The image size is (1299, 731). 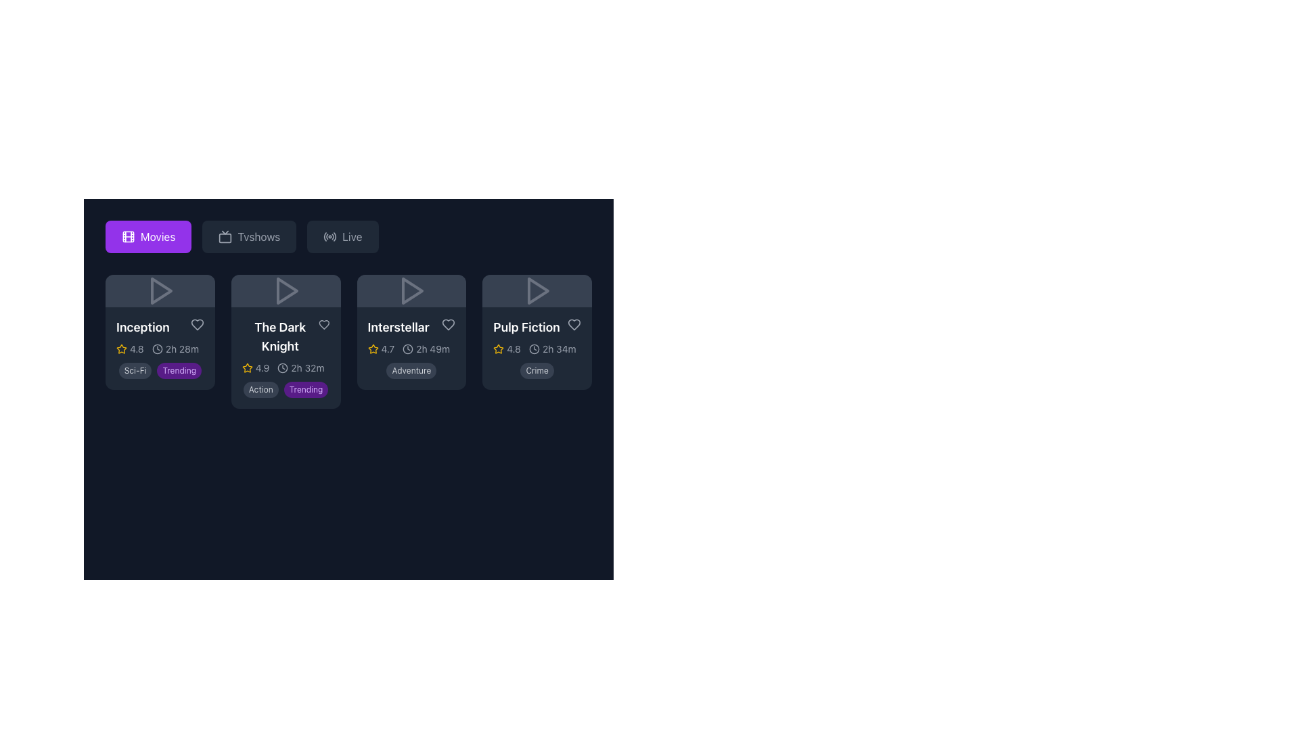 I want to click on title text label displaying 'Pulp Fiction', which is prominently positioned at the top of the rightmost movie card, above the rating and runtime information, so click(x=526, y=327).